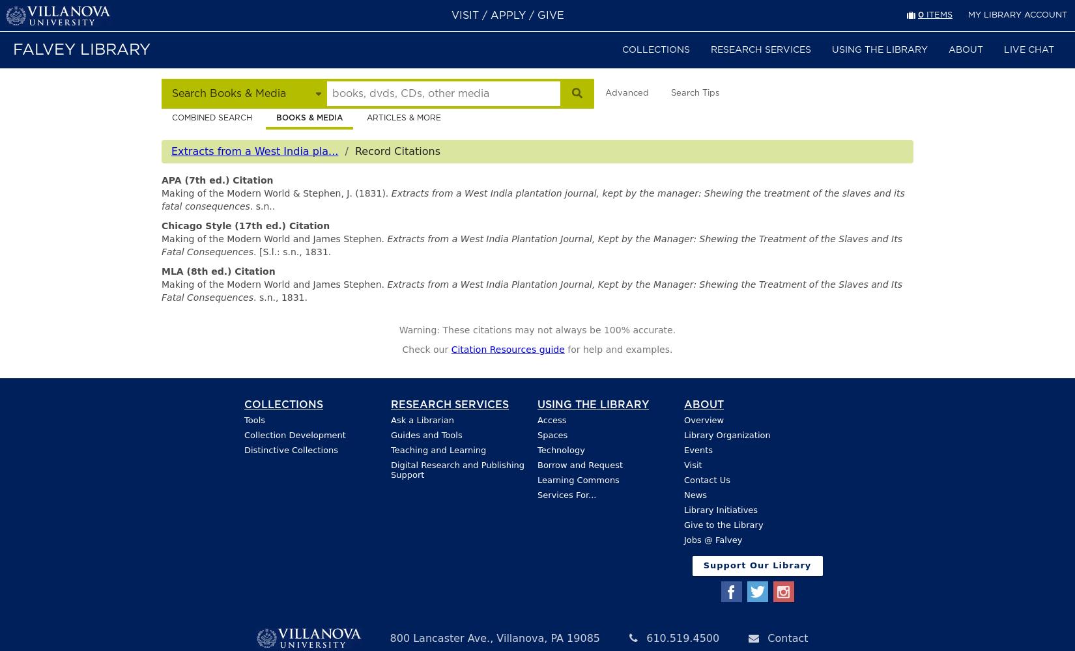 The image size is (1075, 651). I want to click on 'Visit', so click(693, 464).